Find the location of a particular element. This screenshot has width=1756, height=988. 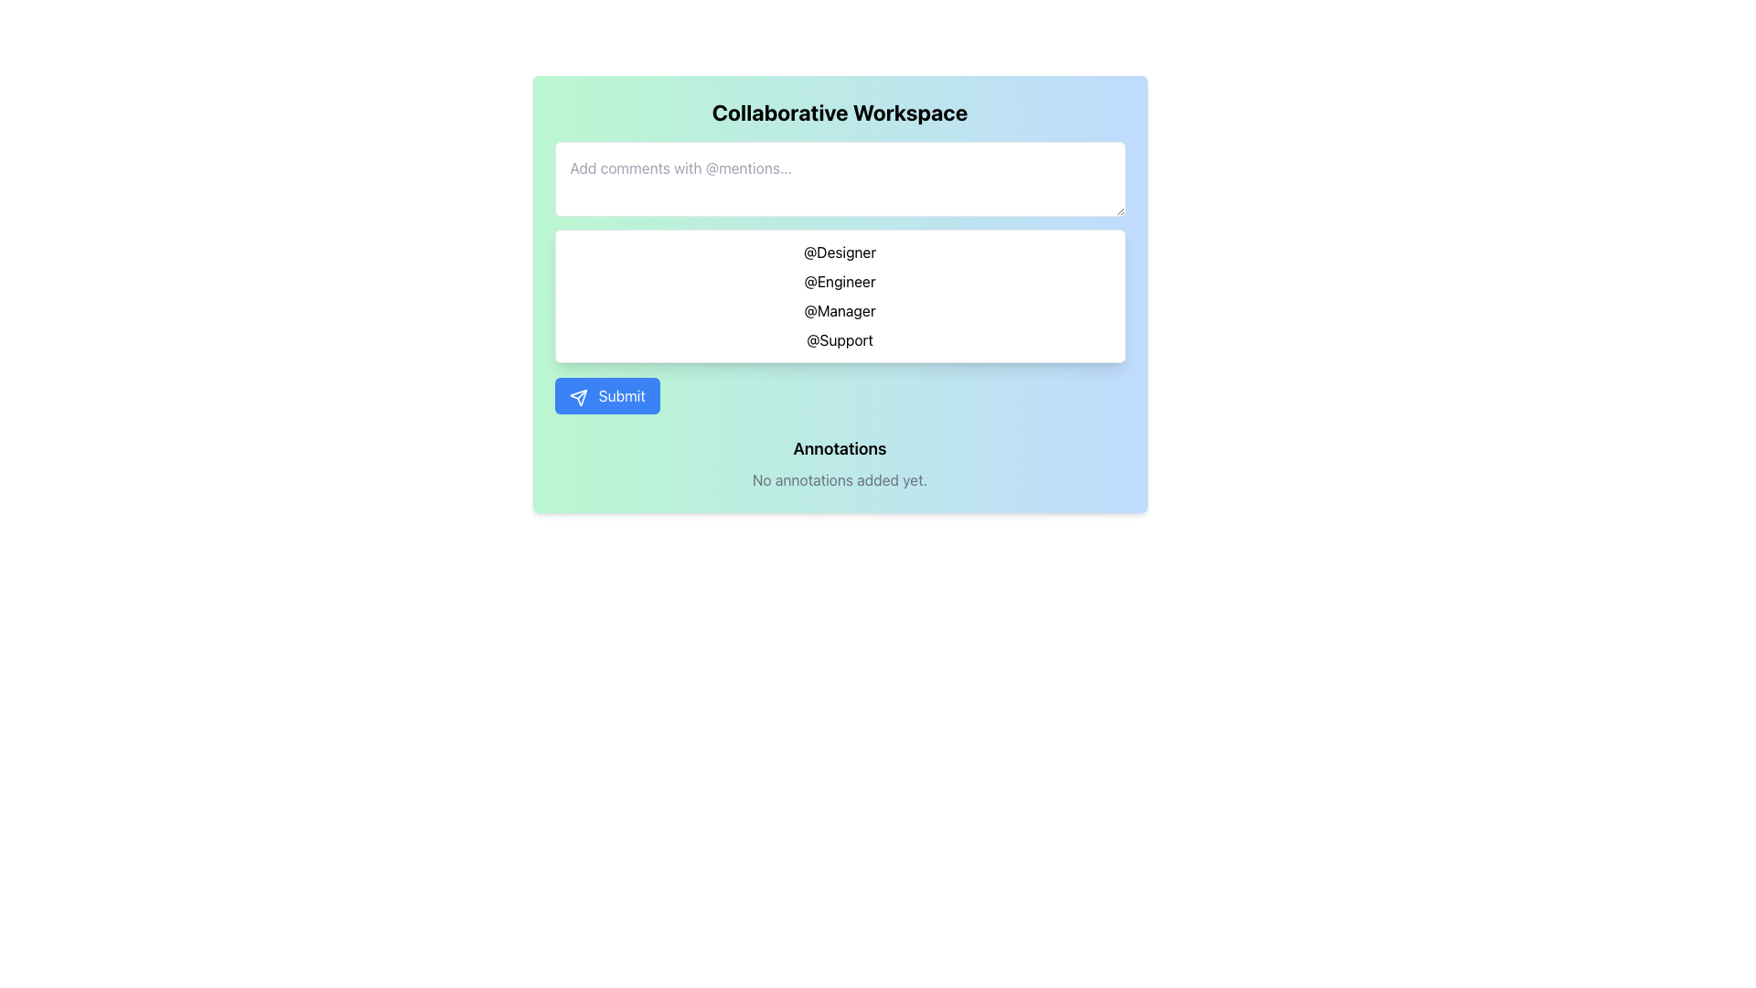

the stylized list box containing options '@Designer', '@Engineer', '@Manager', and '@Support' is located at coordinates (839, 293).